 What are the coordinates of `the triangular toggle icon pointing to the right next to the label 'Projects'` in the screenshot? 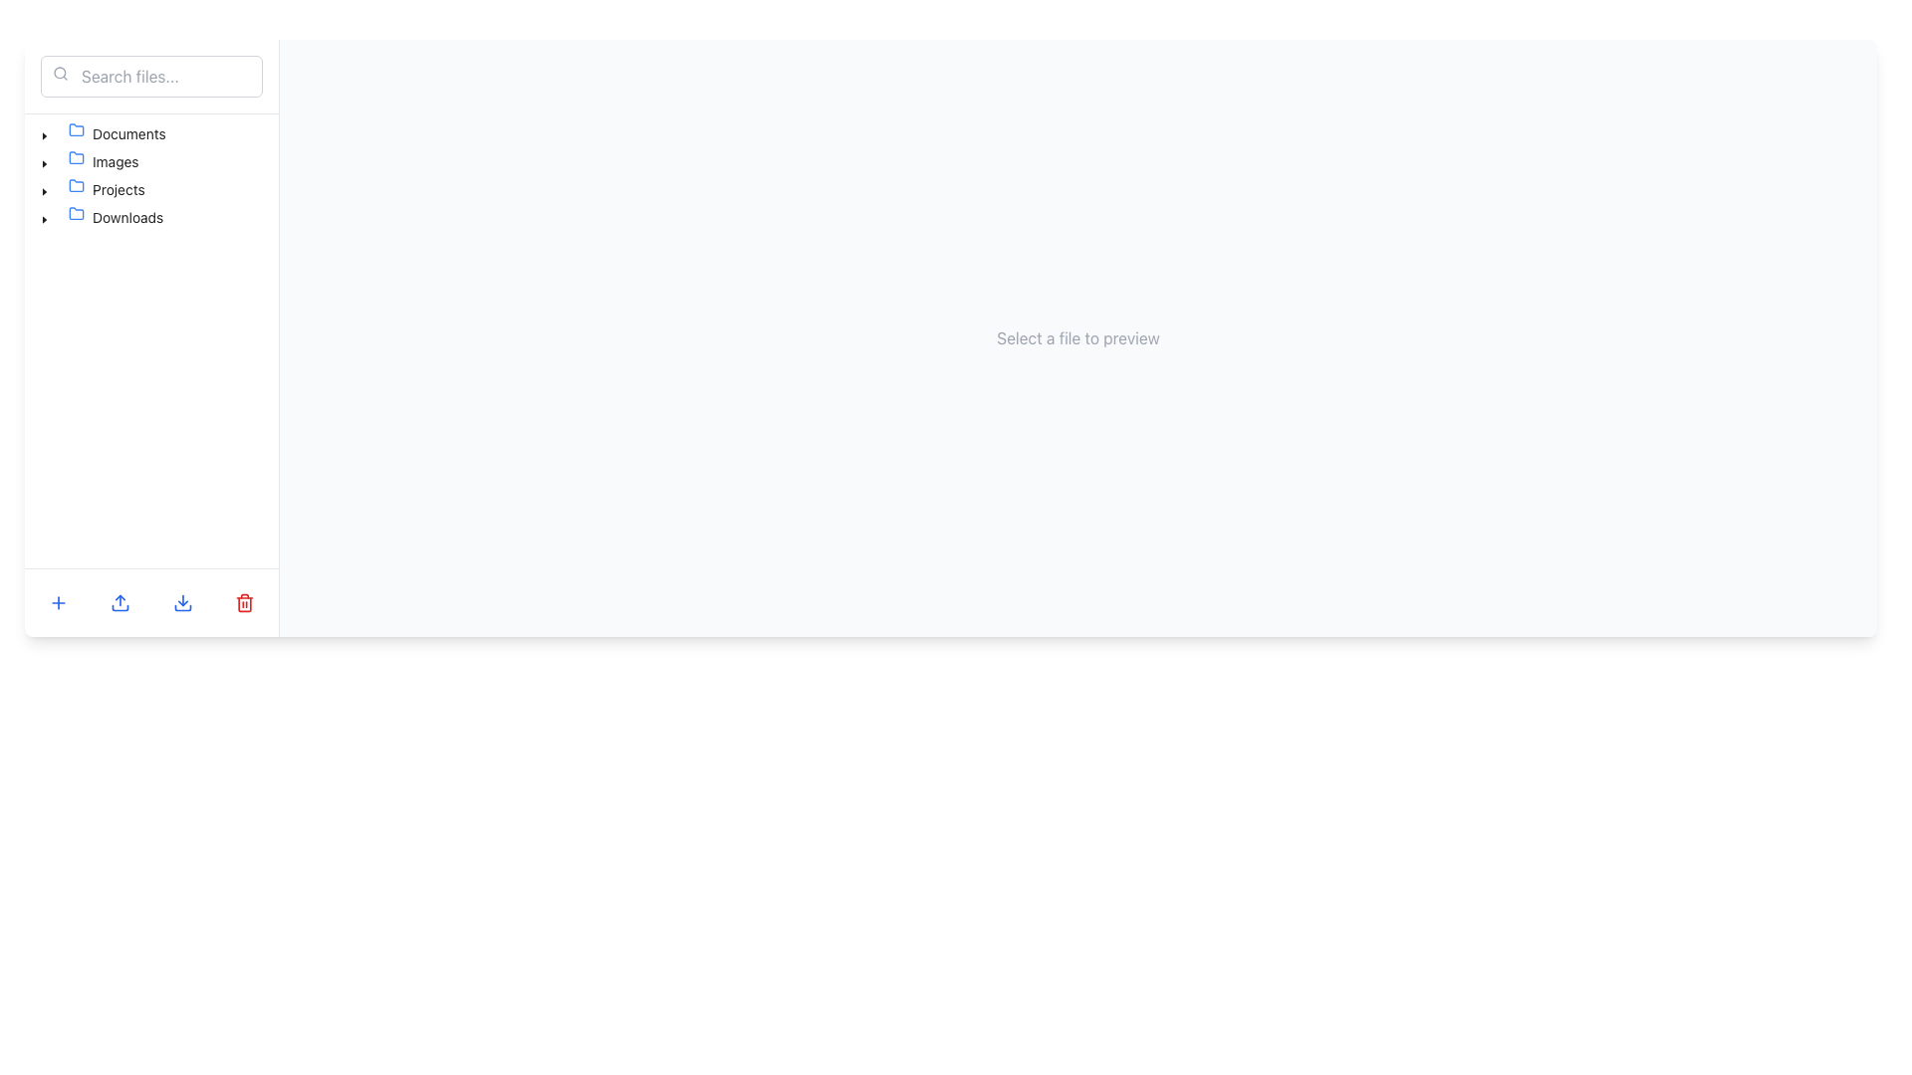 It's located at (44, 190).